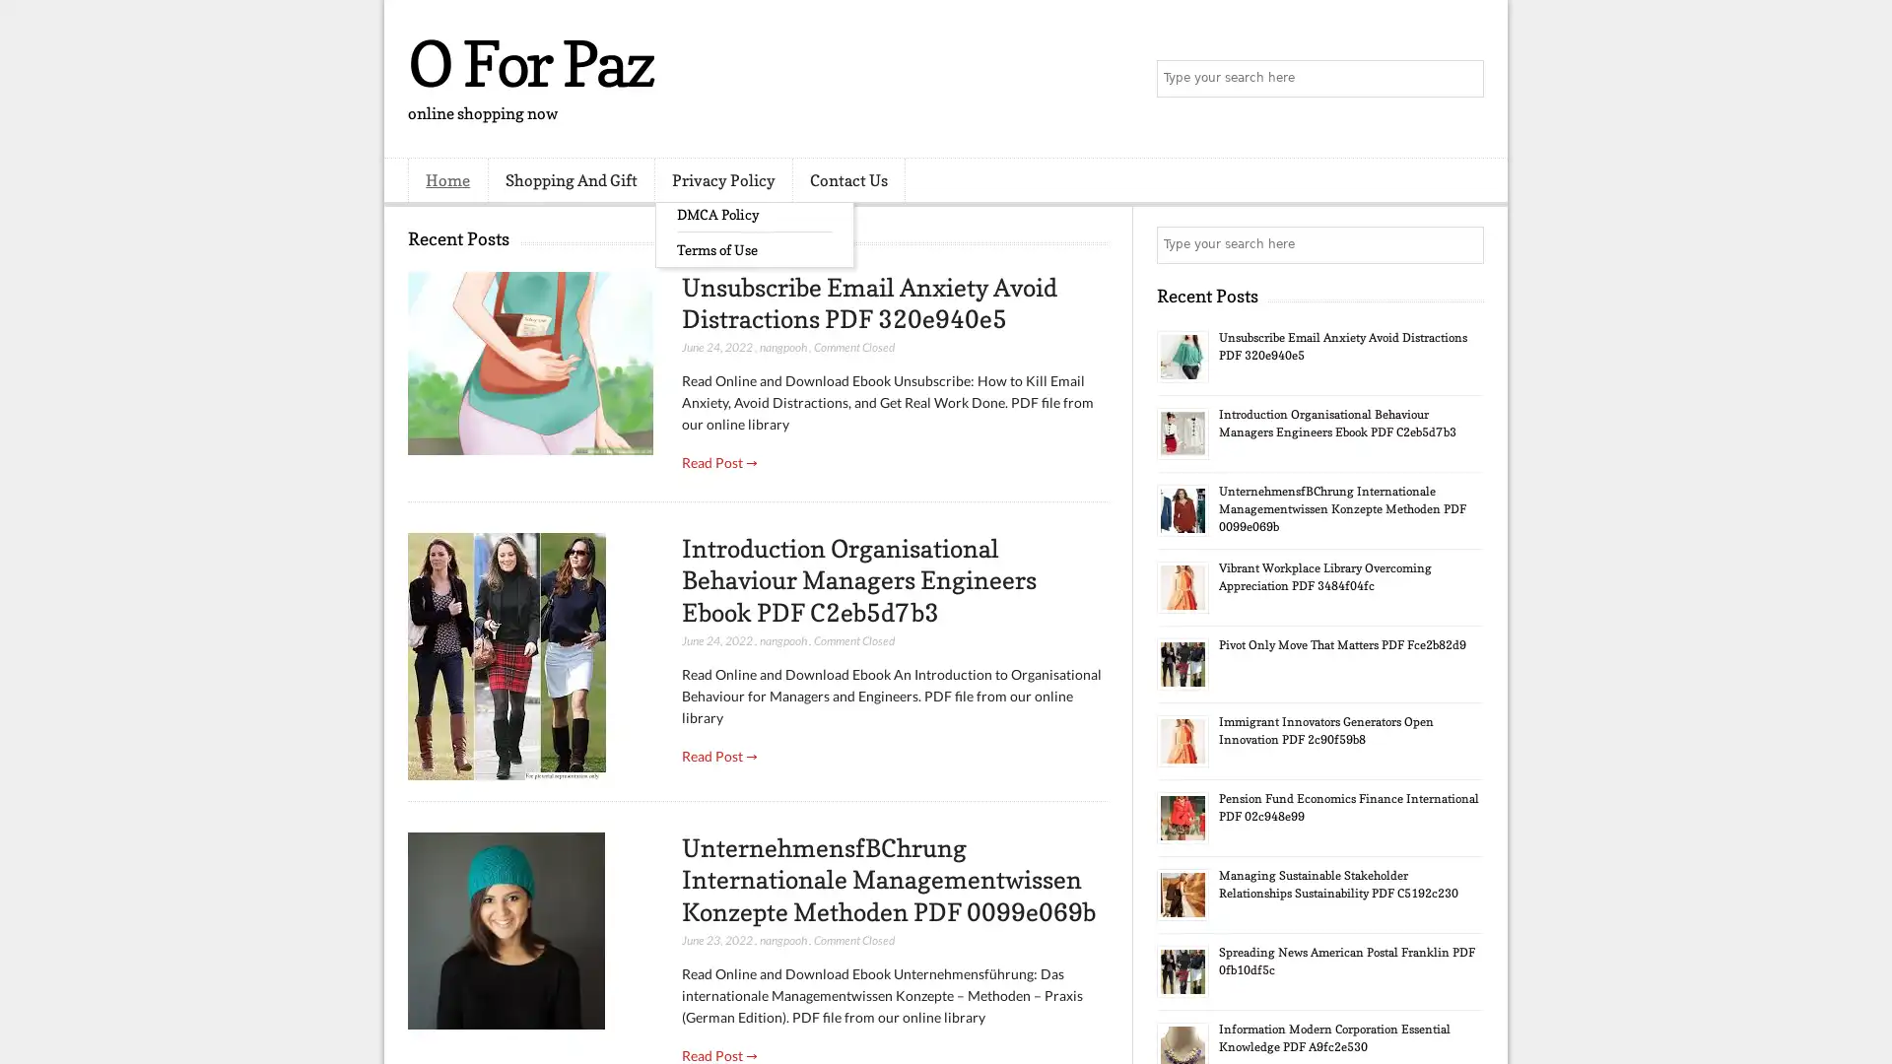 This screenshot has height=1064, width=1892. I want to click on Search, so click(1463, 79).